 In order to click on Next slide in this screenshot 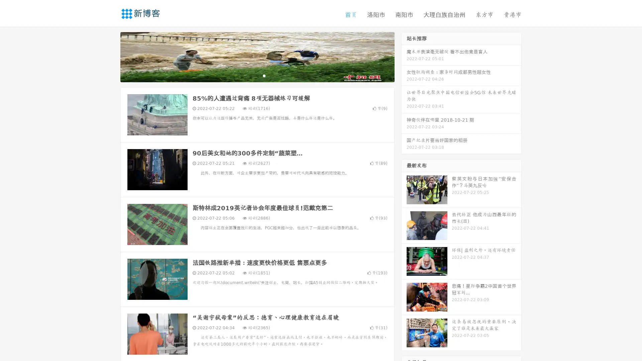, I will do `click(404, 56)`.